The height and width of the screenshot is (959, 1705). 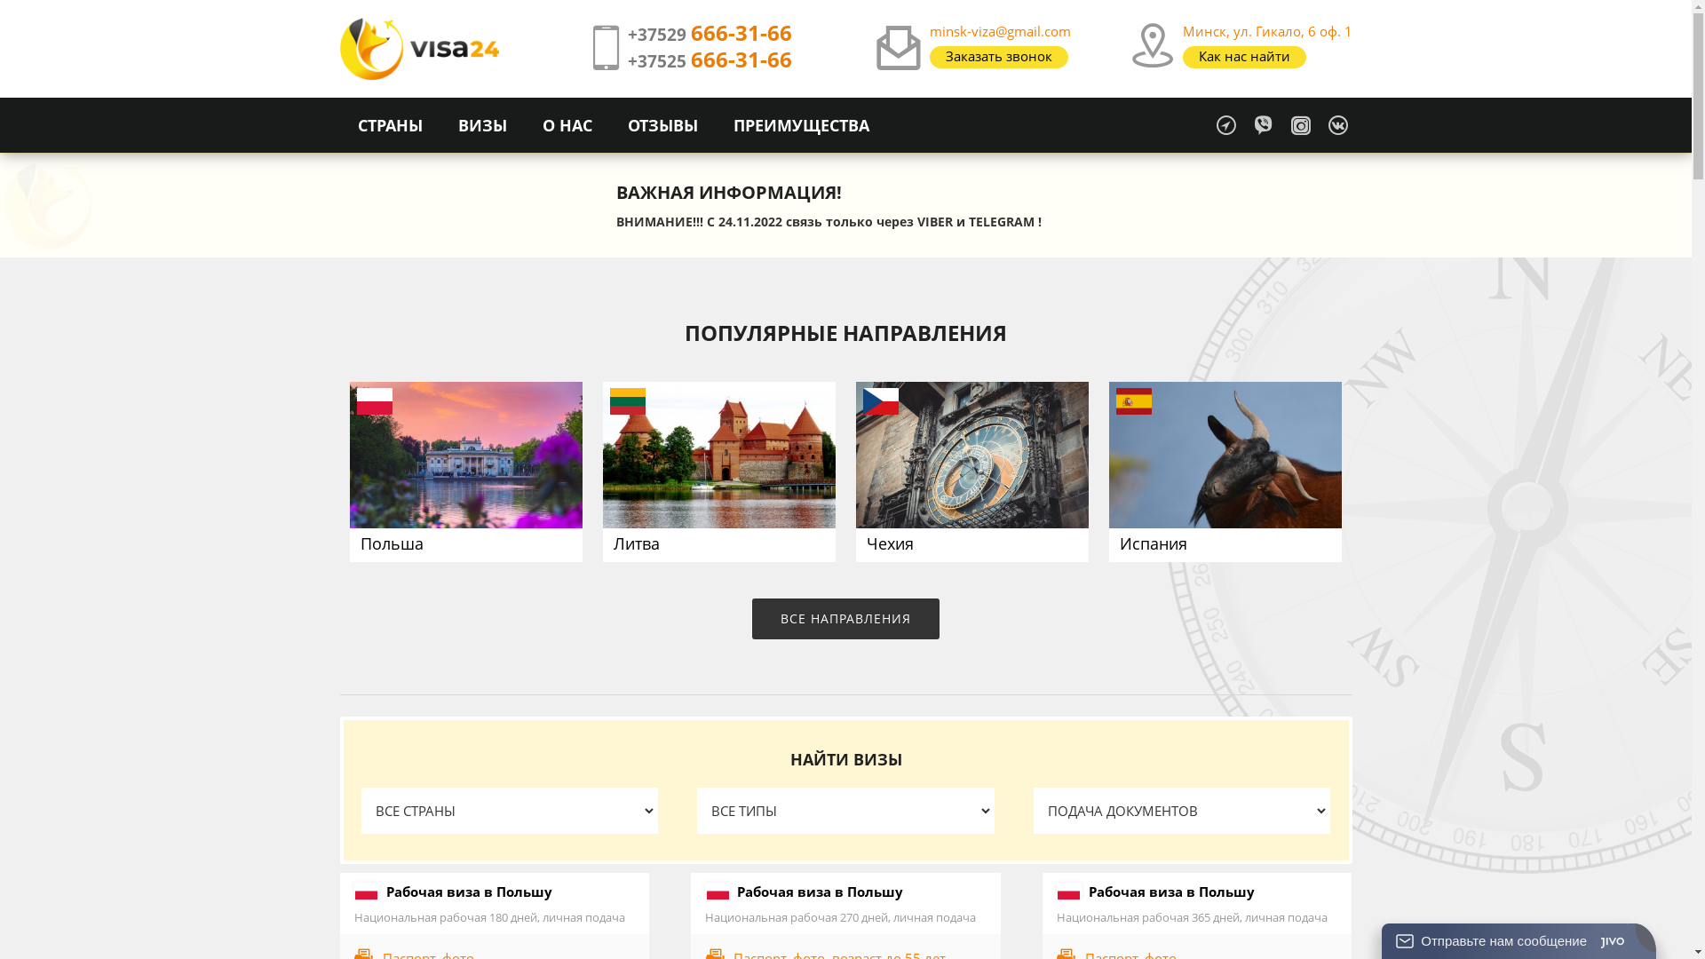 I want to click on '+37529 666-31-66', so click(x=708, y=34).